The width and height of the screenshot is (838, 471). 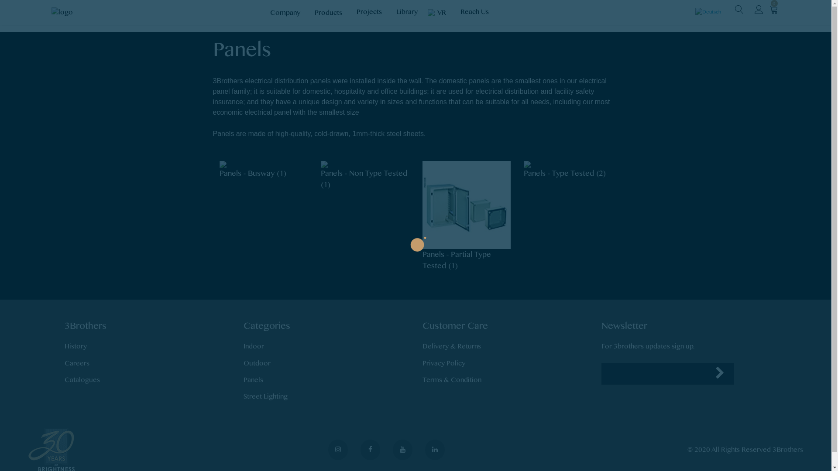 What do you see at coordinates (466, 215) in the screenshot?
I see `'Panels - Partial Type Tested (1)'` at bounding box center [466, 215].